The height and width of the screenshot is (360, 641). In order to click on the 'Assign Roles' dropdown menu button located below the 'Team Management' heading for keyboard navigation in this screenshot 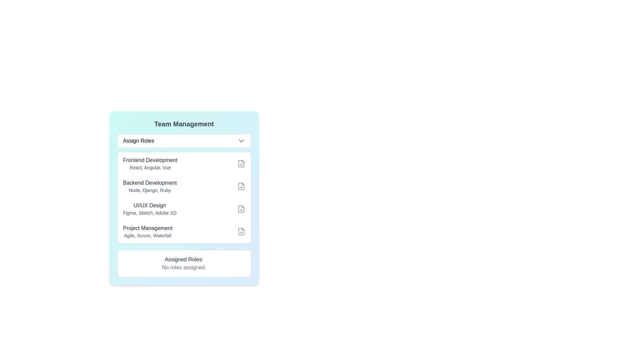, I will do `click(184, 141)`.